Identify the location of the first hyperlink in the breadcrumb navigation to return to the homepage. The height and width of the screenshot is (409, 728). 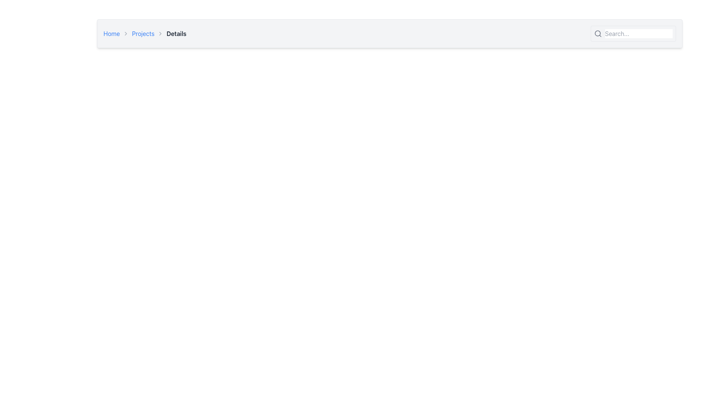
(111, 33).